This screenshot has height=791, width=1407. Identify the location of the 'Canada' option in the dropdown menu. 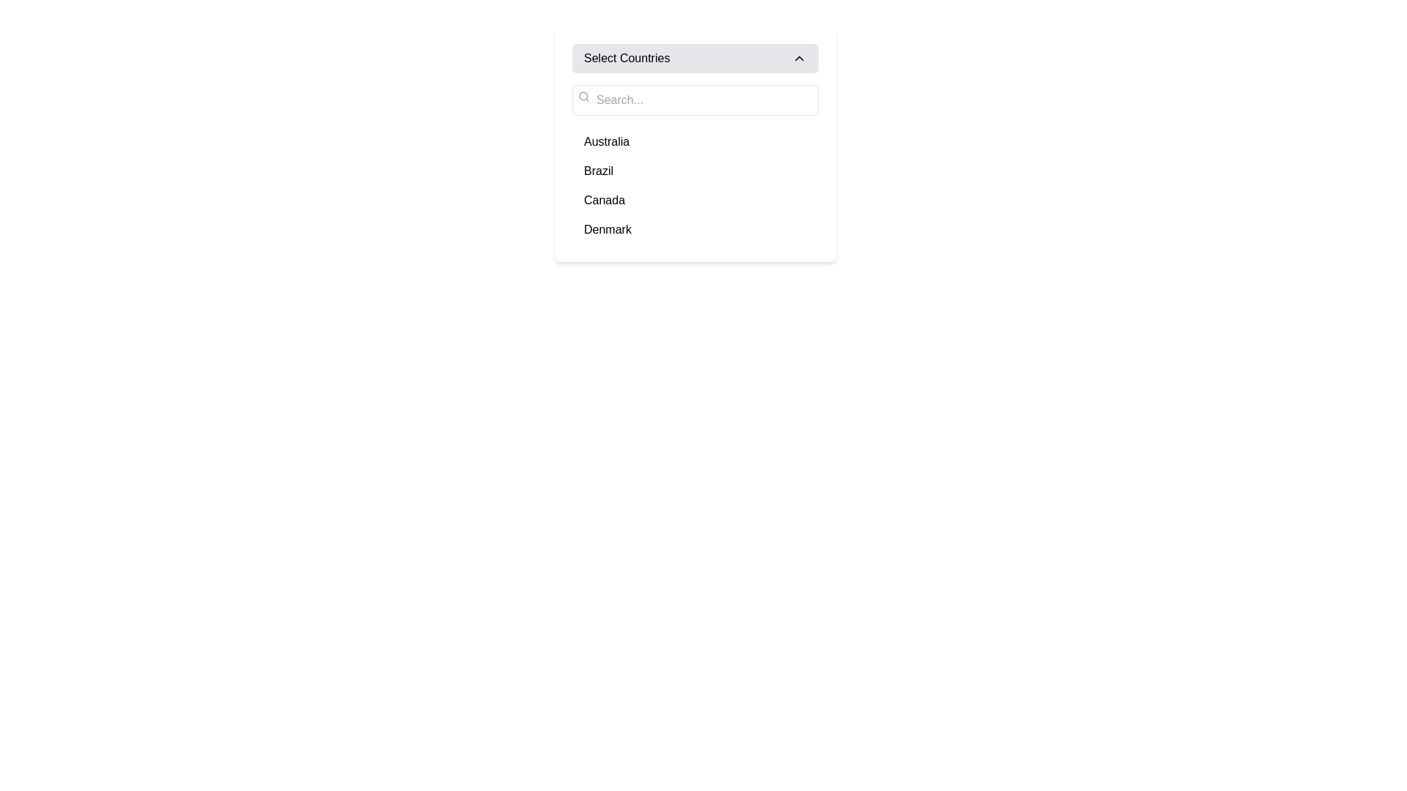
(605, 200).